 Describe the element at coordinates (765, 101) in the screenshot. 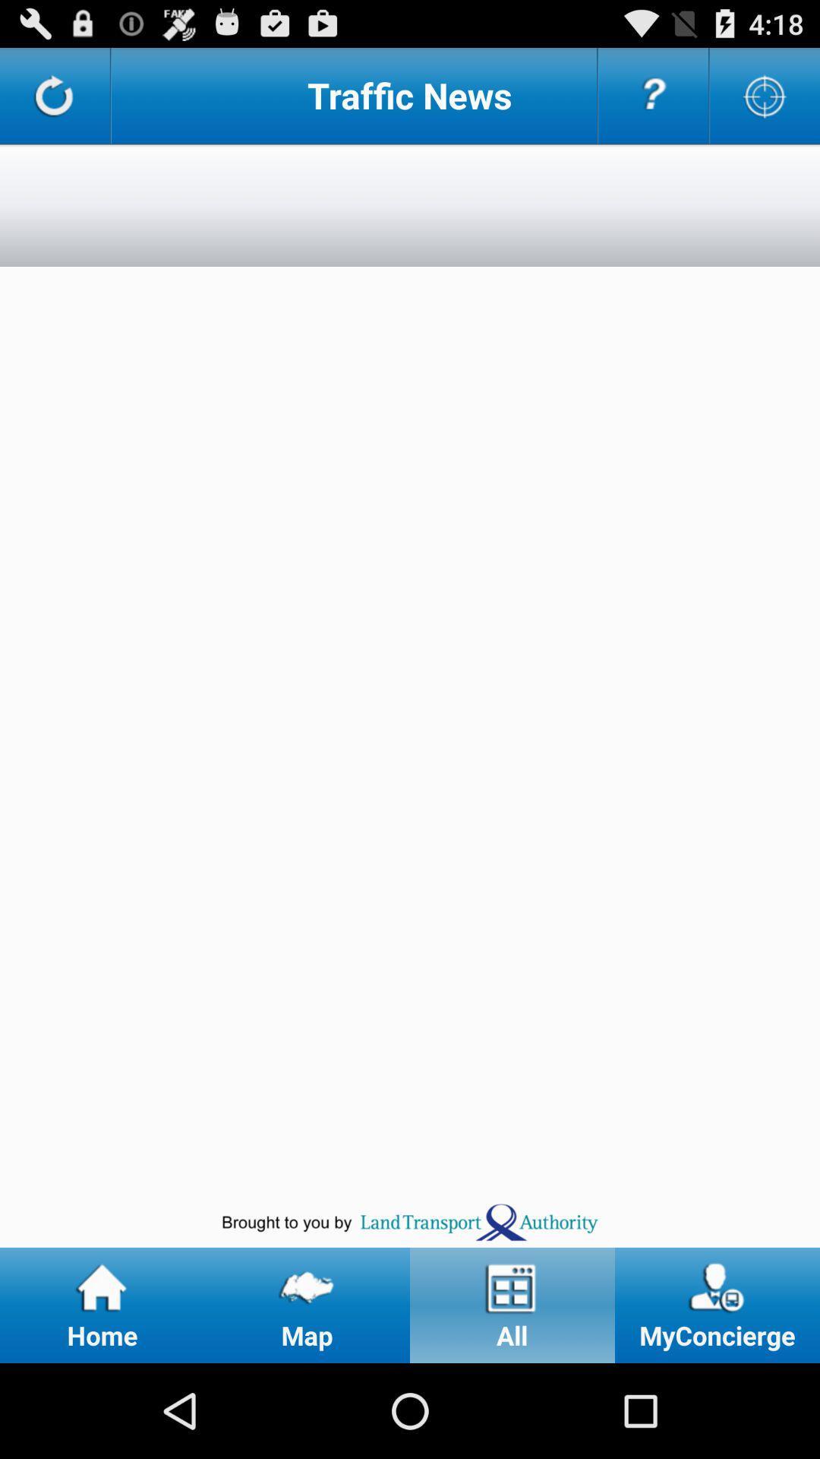

I see `the location_crosshair icon` at that location.